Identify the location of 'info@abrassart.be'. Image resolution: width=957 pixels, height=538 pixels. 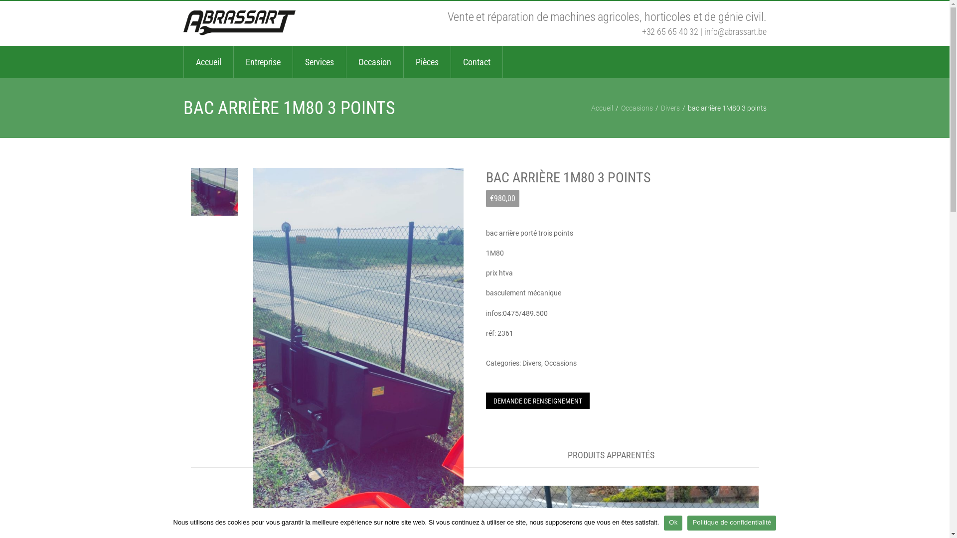
(735, 31).